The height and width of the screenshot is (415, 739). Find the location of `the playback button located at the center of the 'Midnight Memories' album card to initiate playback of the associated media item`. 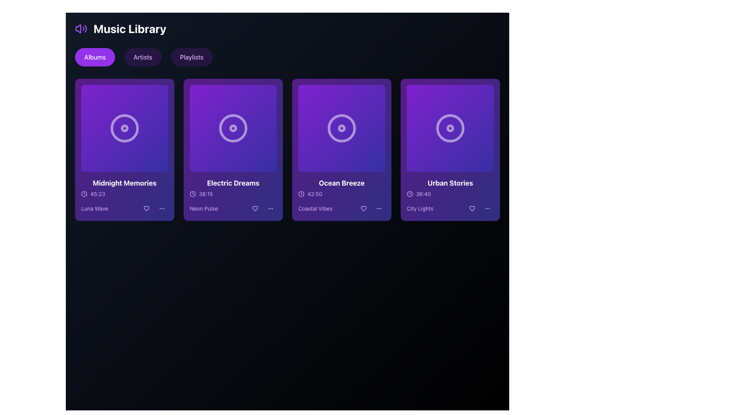

the playback button located at the center of the 'Midnight Memories' album card to initiate playback of the associated media item is located at coordinates (125, 128).